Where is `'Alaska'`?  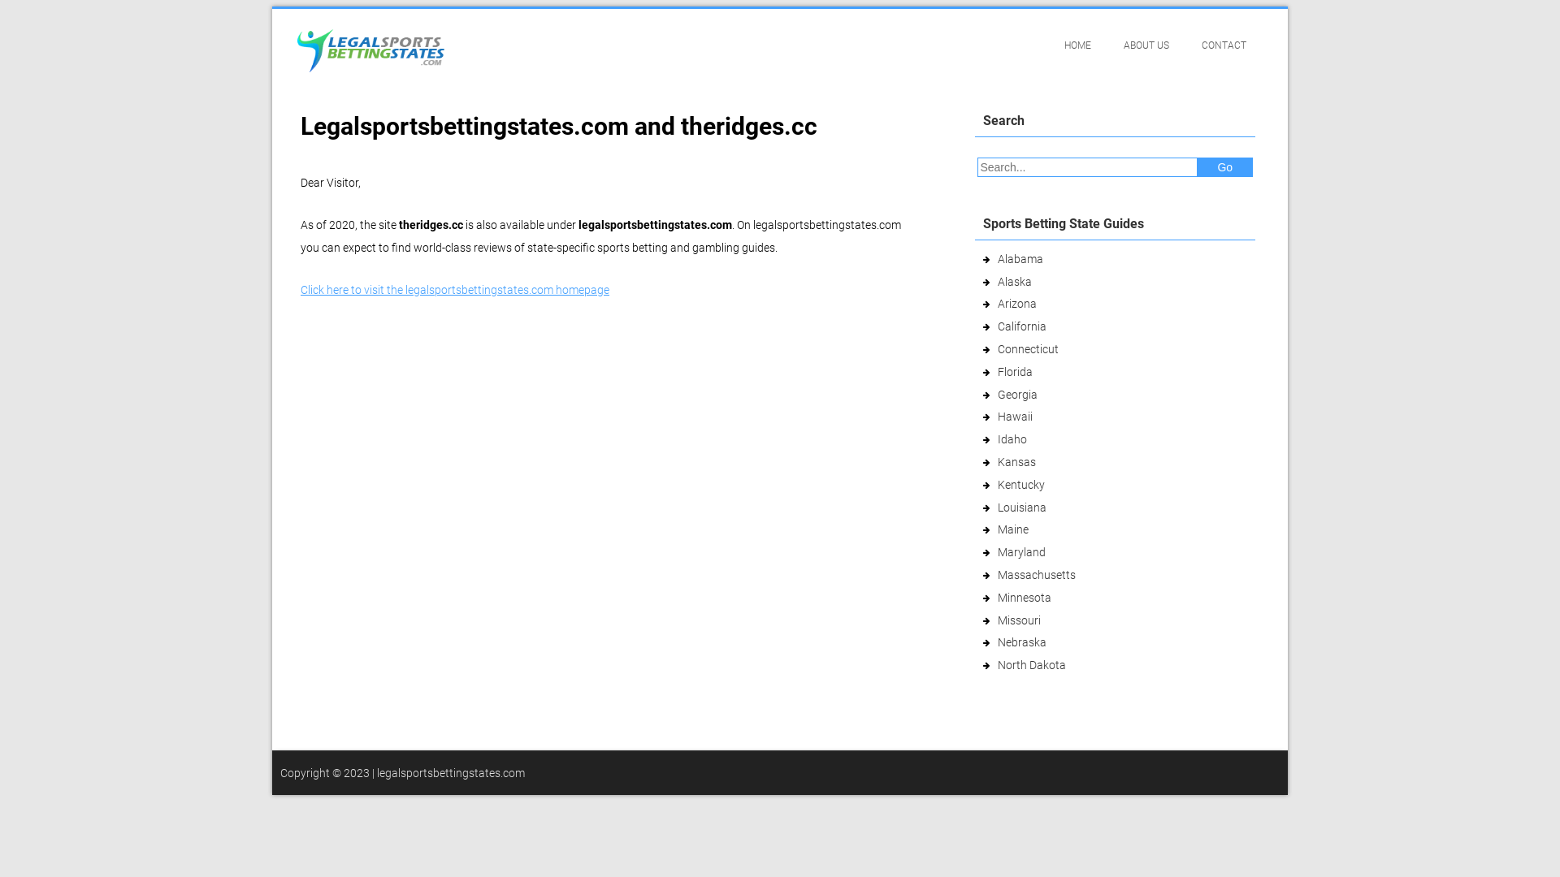
'Alaska' is located at coordinates (1013, 281).